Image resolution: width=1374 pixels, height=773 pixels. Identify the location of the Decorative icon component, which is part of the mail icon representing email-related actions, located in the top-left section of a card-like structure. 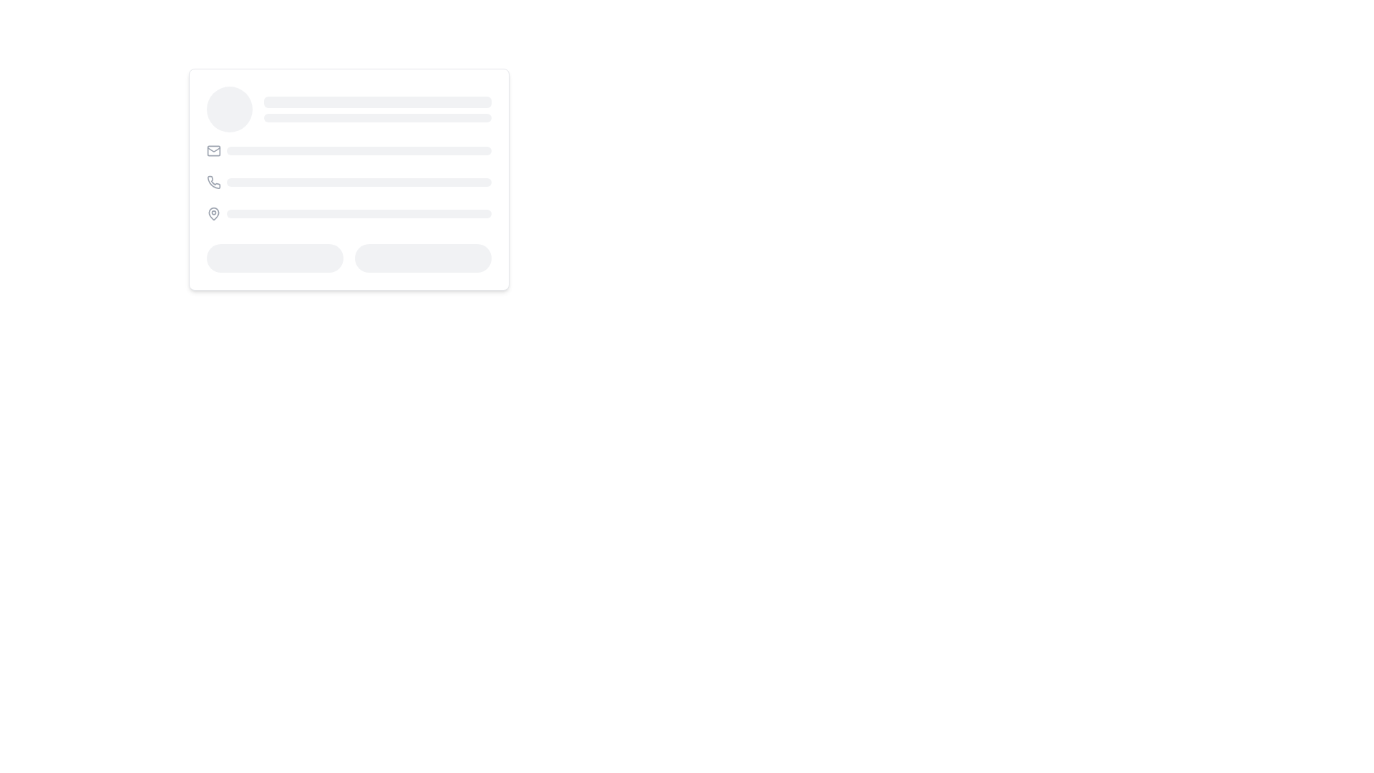
(213, 151).